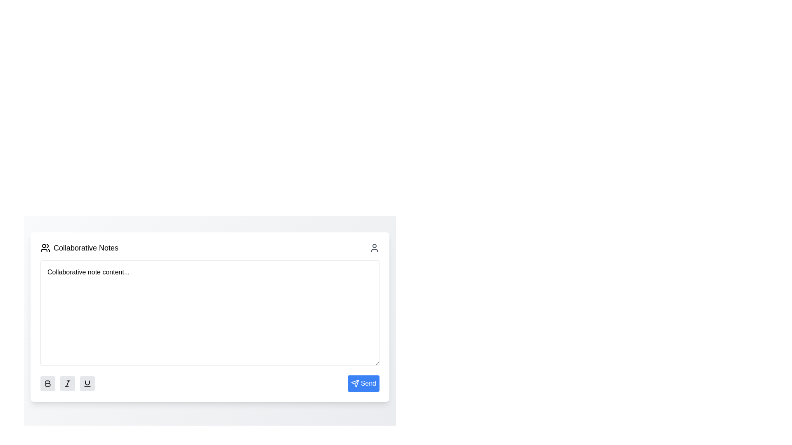  I want to click on the send icon, which is part of the interactive 'Send' button located in the bottom-right corner of the UI, featuring a blue rectangular background with a white paper plane icon and the text 'Send', so click(355, 383).